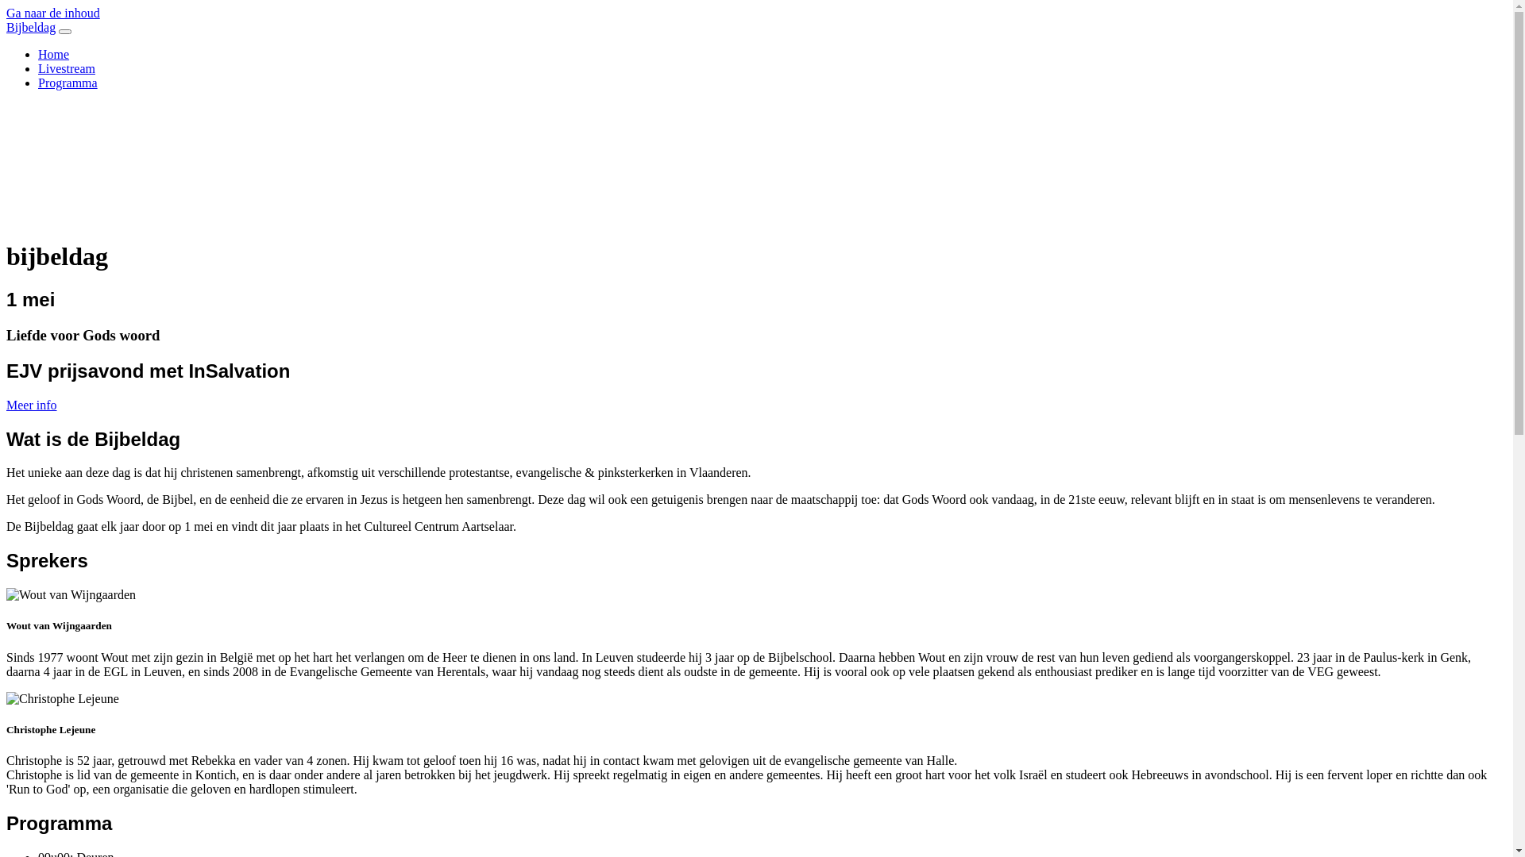  I want to click on 'Meer info', so click(31, 404).